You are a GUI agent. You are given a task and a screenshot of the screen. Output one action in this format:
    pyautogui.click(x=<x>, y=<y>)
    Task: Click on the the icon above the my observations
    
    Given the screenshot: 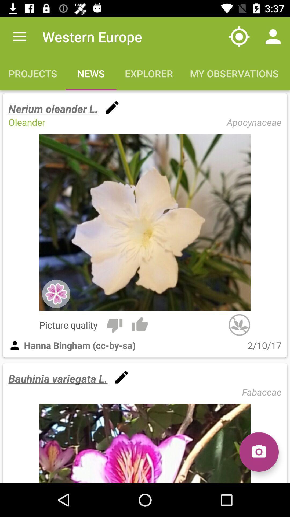 What is the action you would take?
    pyautogui.click(x=273, y=36)
    